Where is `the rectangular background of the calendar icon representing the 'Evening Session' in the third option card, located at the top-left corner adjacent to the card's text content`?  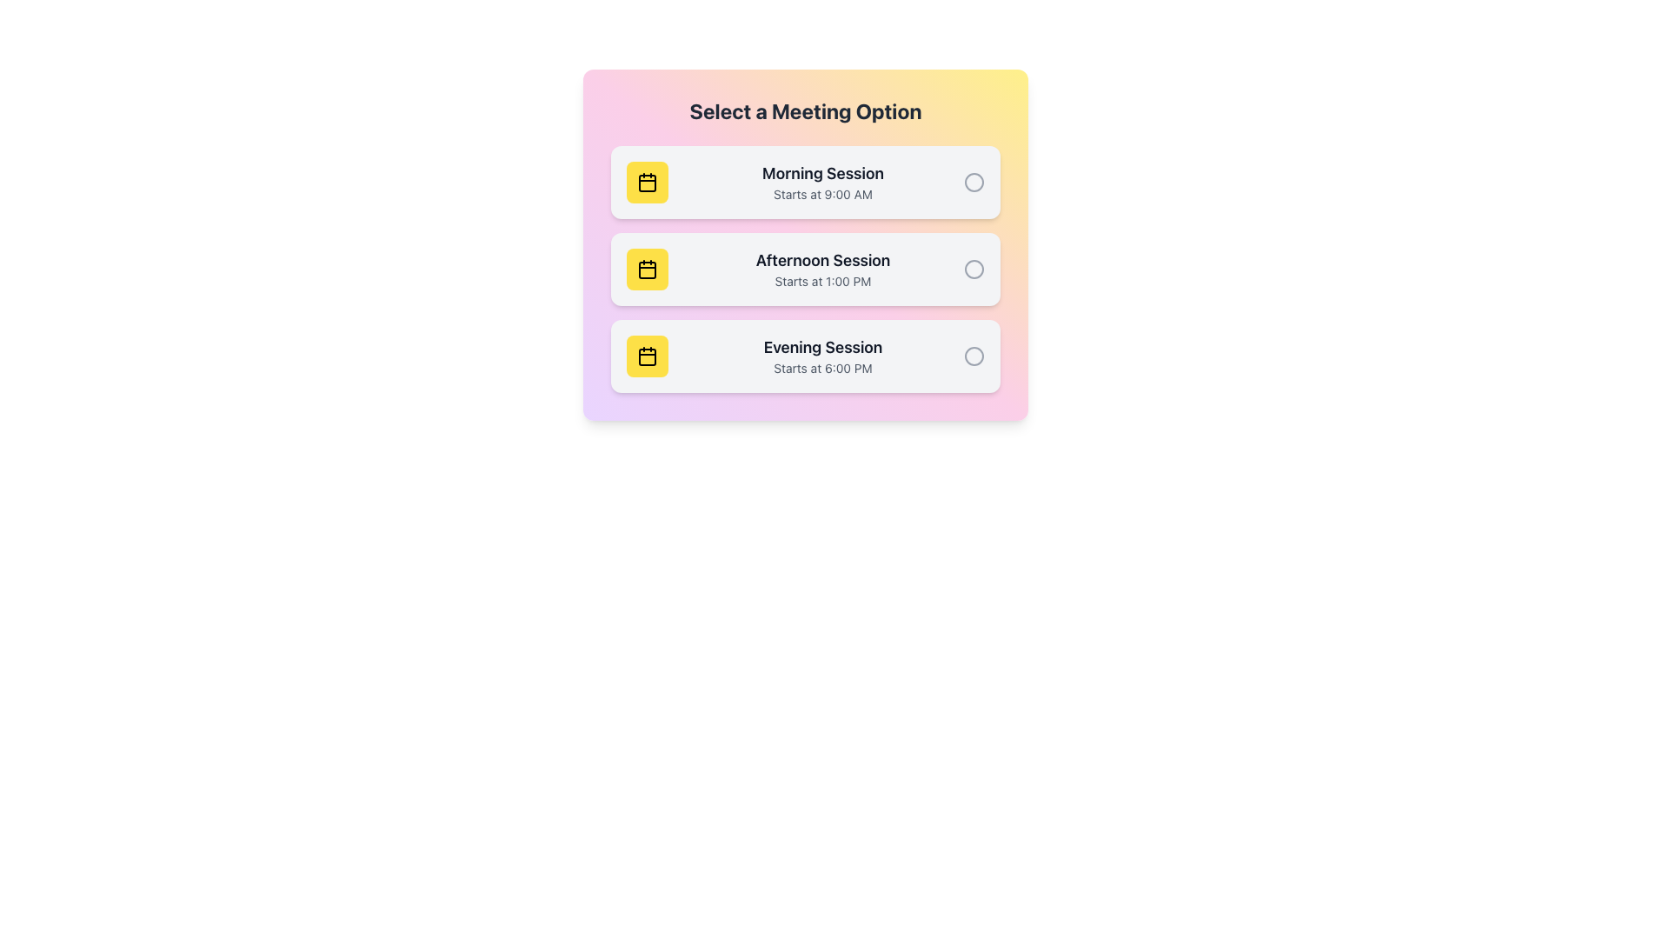
the rectangular background of the calendar icon representing the 'Evening Session' in the third option card, located at the top-left corner adjacent to the card's text content is located at coordinates (646, 356).